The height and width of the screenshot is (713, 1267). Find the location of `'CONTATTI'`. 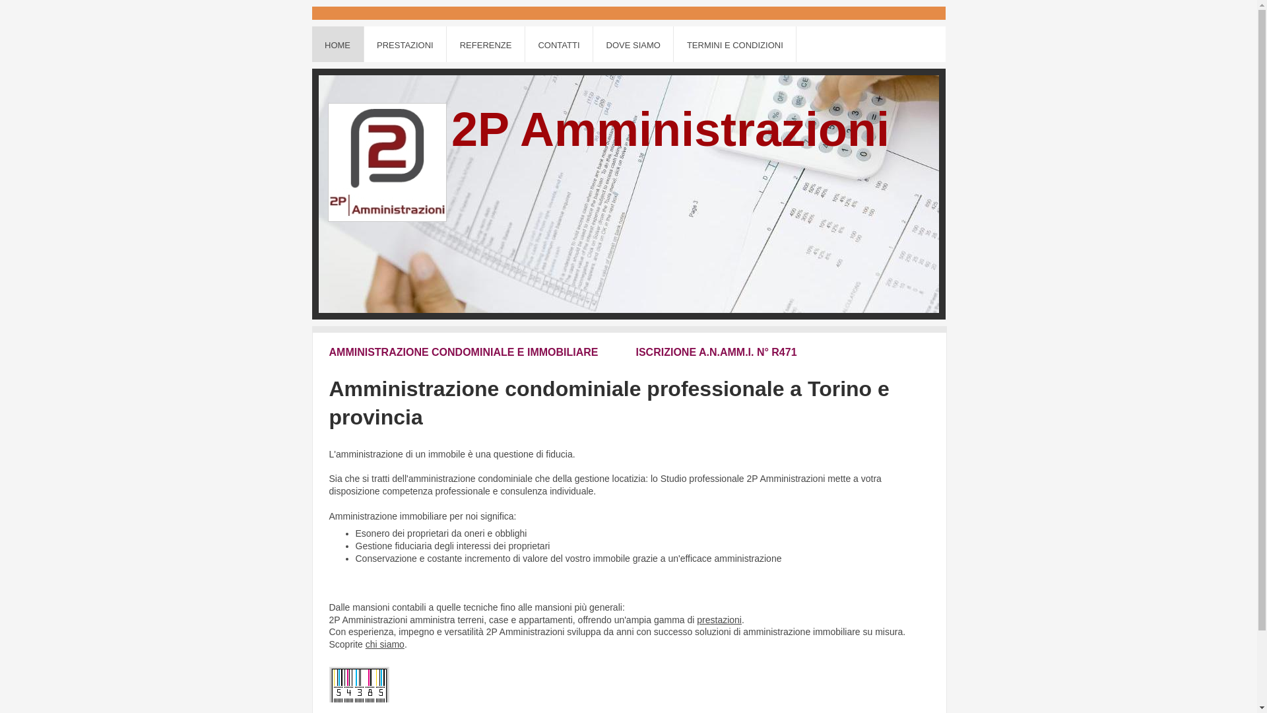

'CONTATTI' is located at coordinates (559, 43).